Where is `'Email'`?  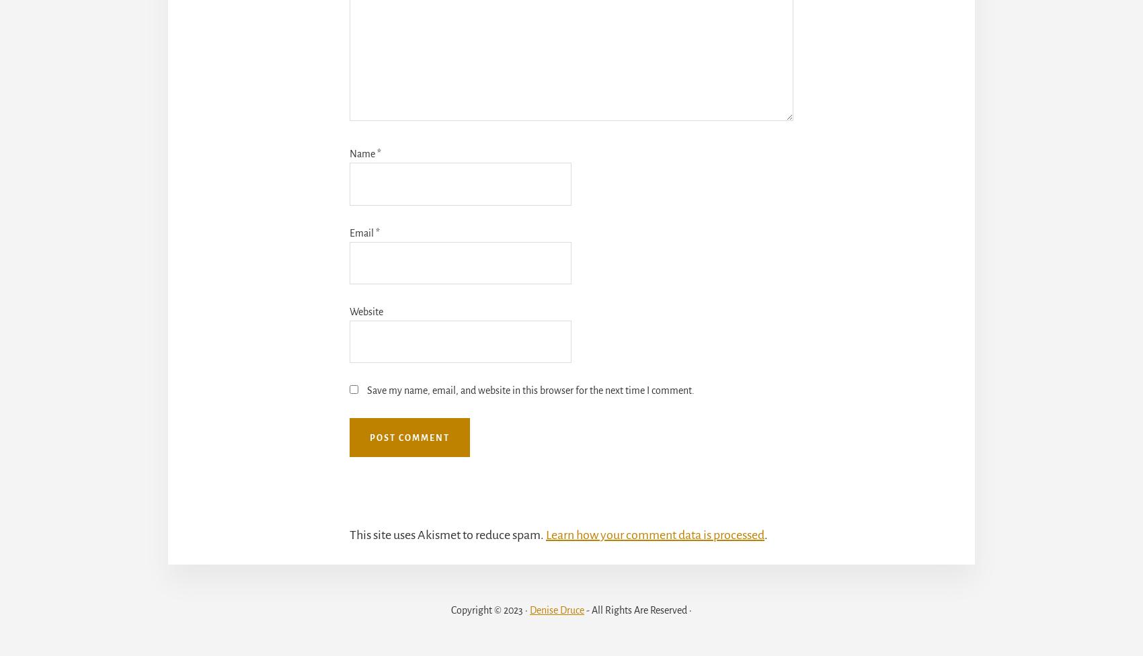
'Email' is located at coordinates (362, 232).